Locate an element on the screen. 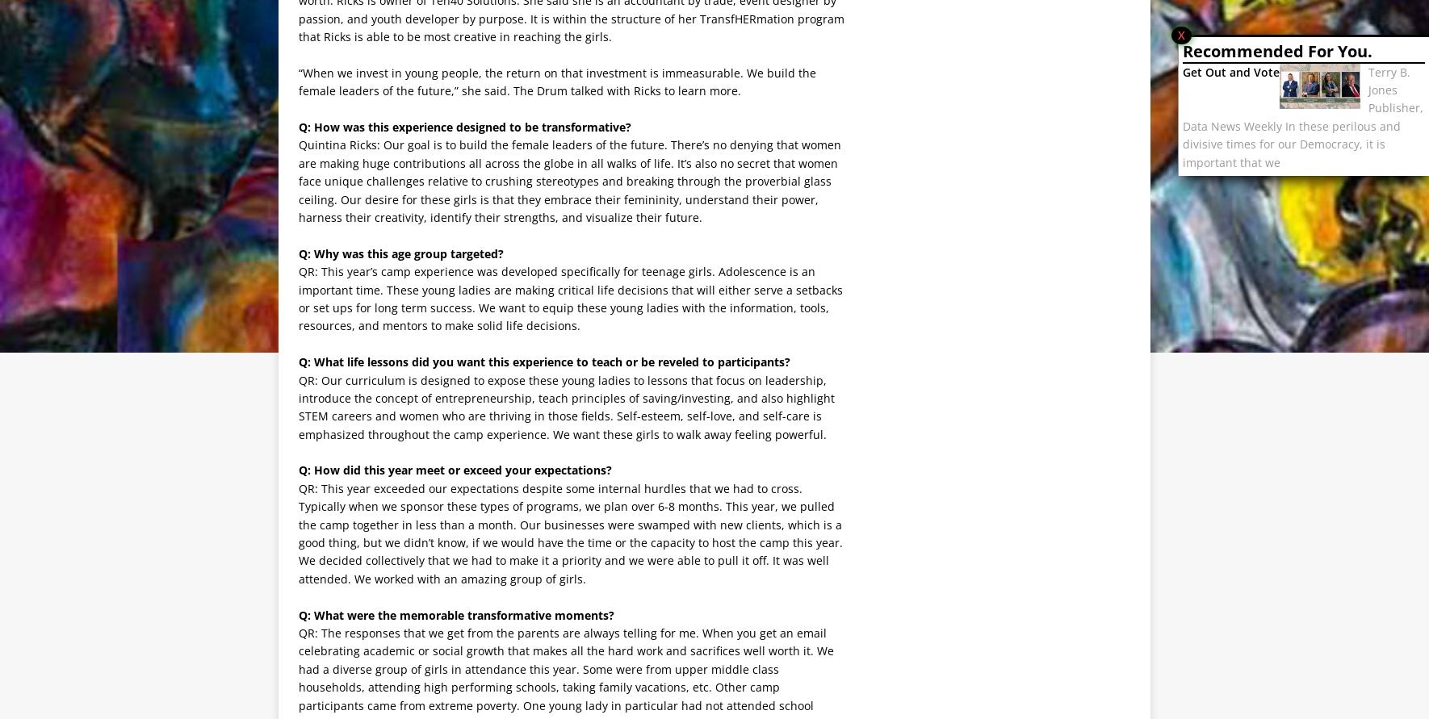 This screenshot has width=1429, height=719. 'Q: How did this year meet or exceed your expectations?' is located at coordinates (297, 470).